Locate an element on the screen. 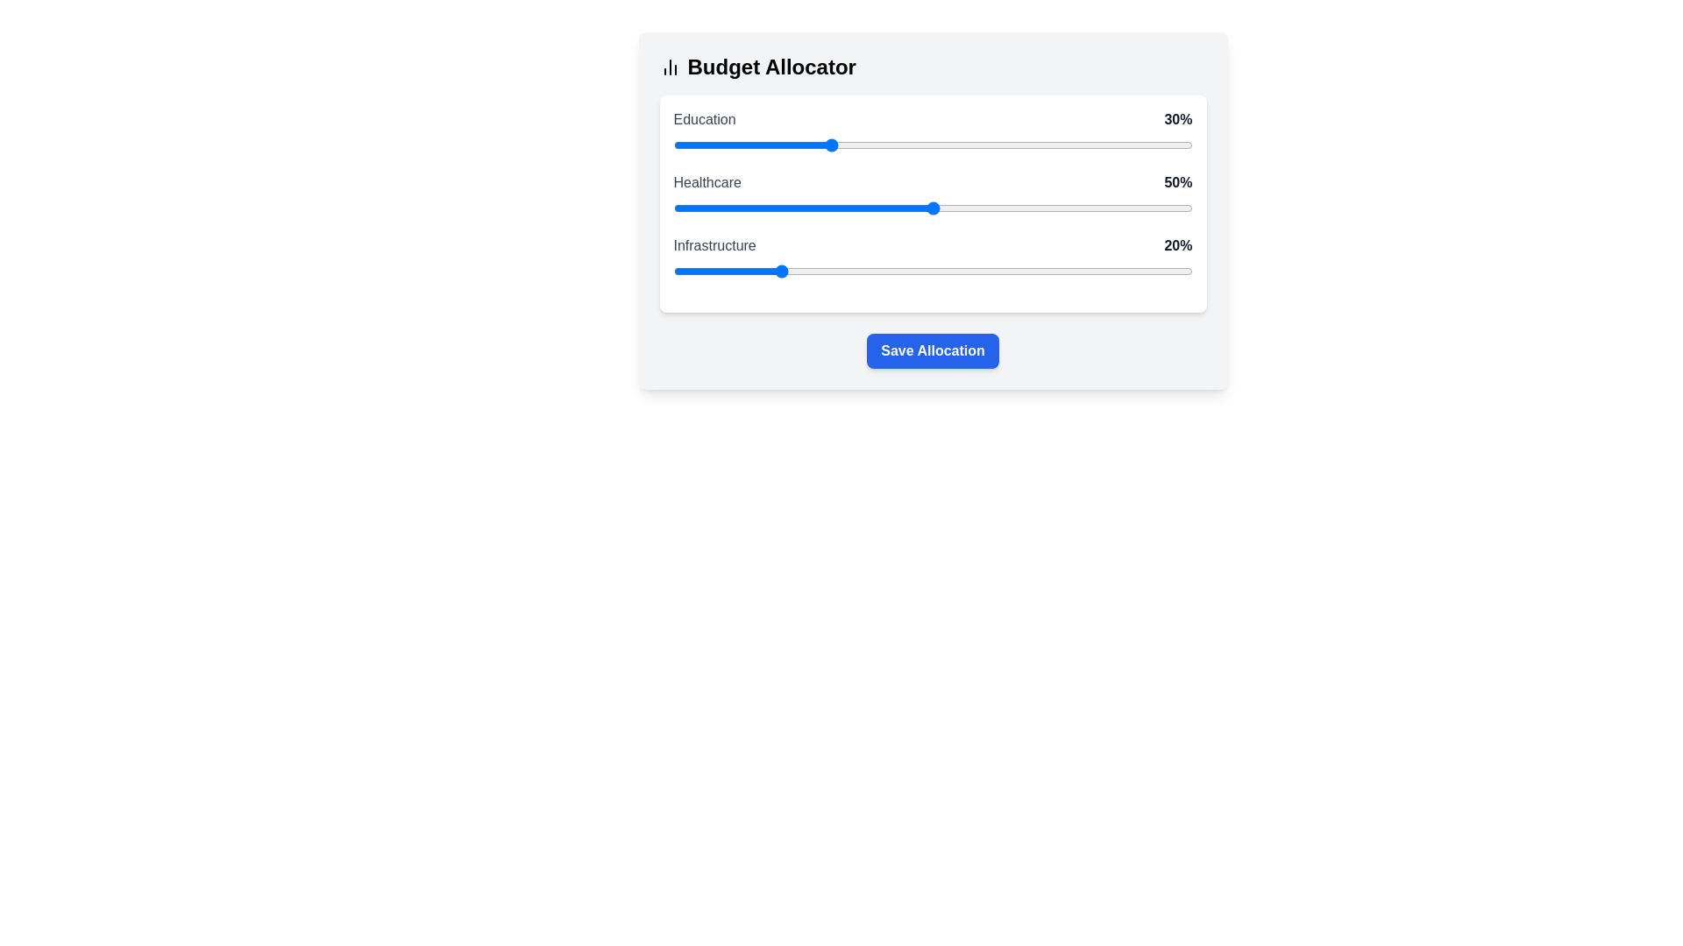  infrastructure allocation is located at coordinates (1156, 271).